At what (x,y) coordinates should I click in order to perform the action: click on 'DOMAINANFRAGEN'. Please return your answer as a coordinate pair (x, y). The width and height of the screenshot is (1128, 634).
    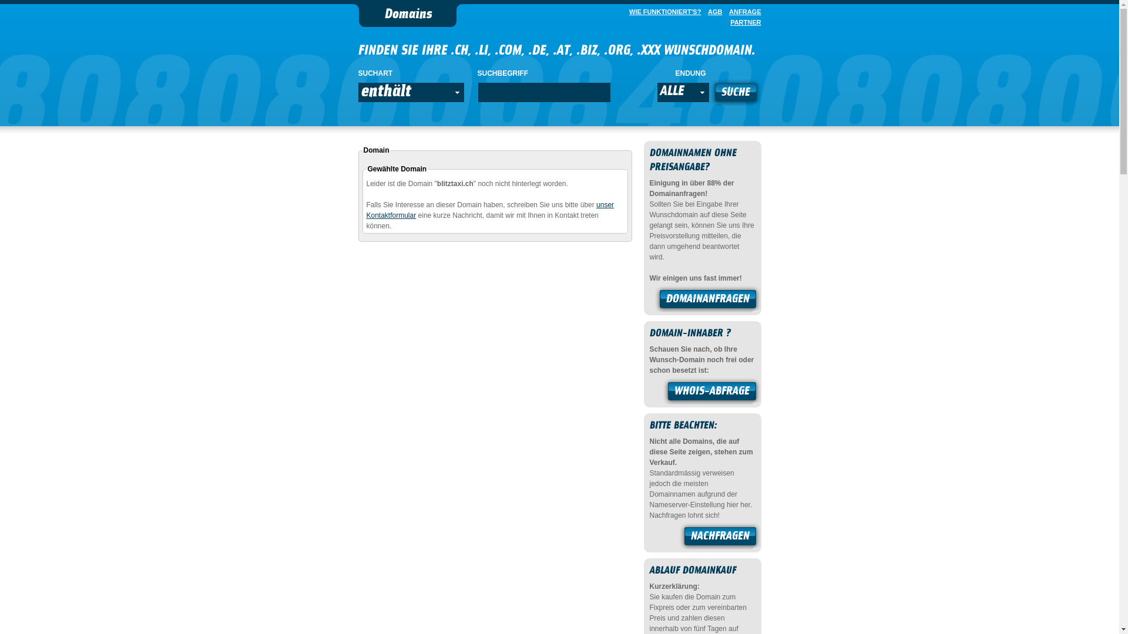
    Looking at the image, I should click on (653, 300).